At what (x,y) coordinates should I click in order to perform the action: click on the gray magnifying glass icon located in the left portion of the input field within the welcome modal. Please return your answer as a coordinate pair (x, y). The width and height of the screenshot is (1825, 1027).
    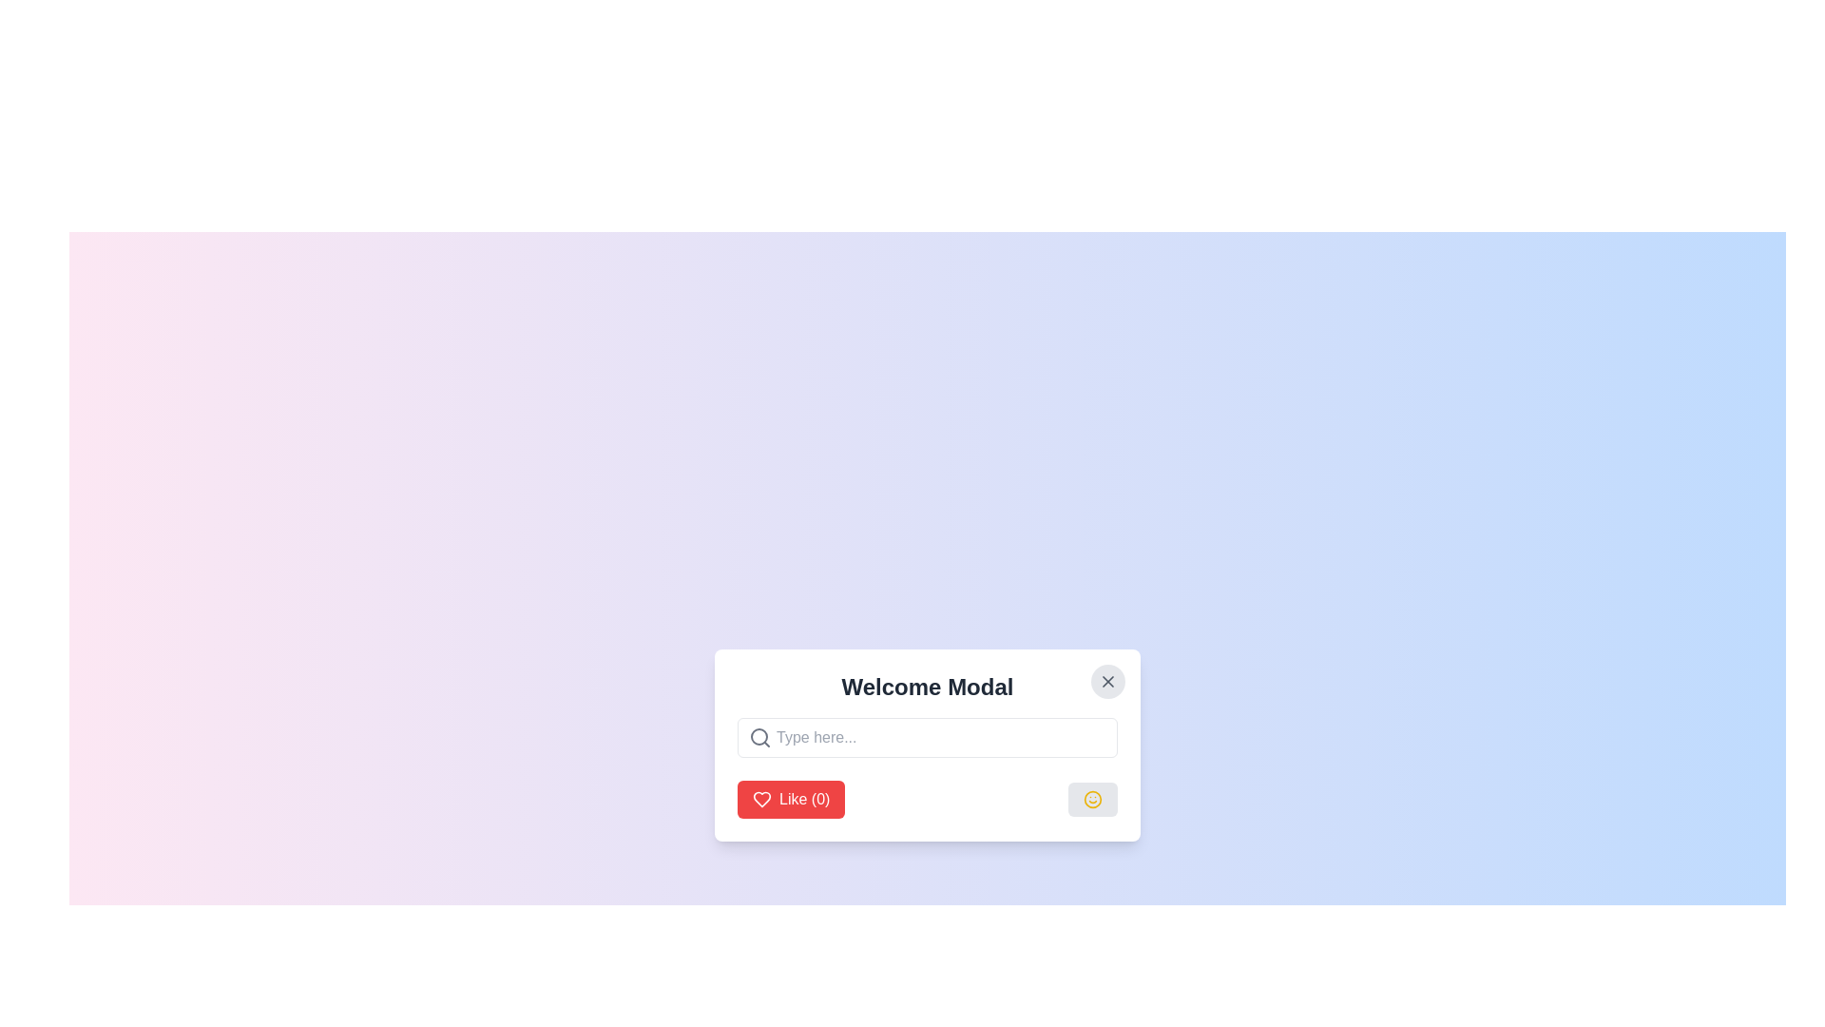
    Looking at the image, I should click on (760, 736).